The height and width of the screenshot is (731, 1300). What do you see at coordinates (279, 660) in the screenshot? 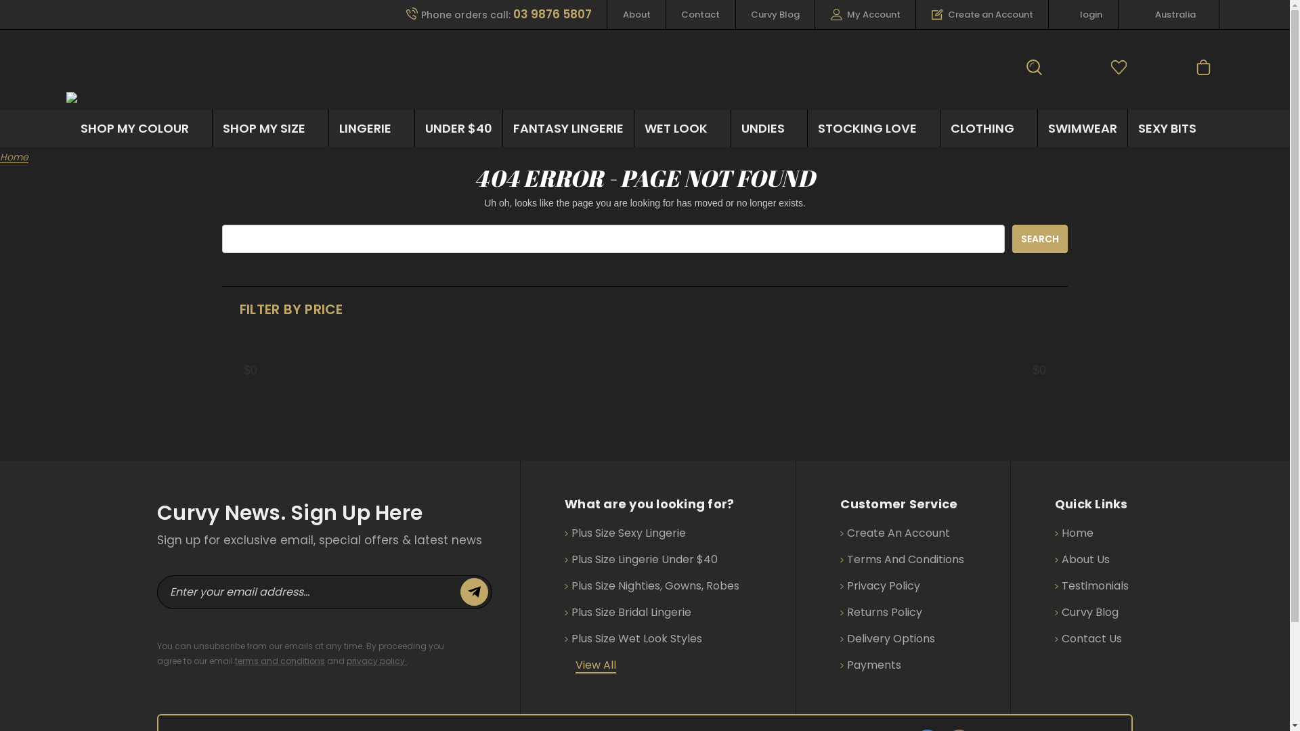
I see `'terms and conditions'` at bounding box center [279, 660].